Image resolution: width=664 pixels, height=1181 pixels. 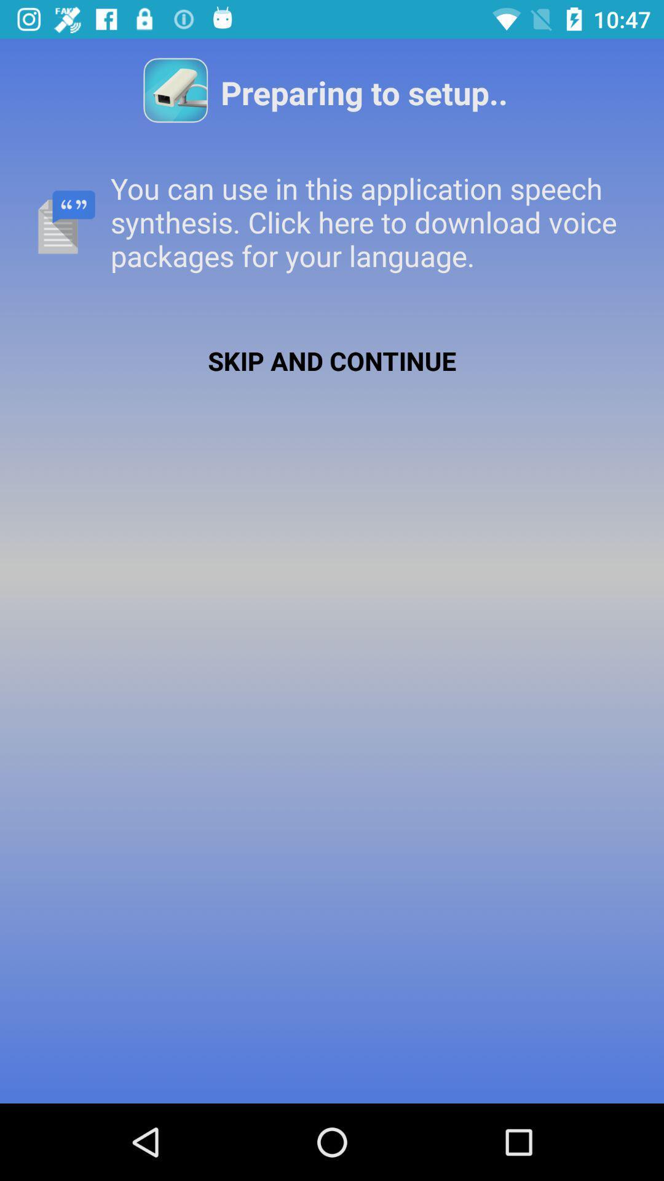 What do you see at coordinates (332, 222) in the screenshot?
I see `item above skip and continue` at bounding box center [332, 222].